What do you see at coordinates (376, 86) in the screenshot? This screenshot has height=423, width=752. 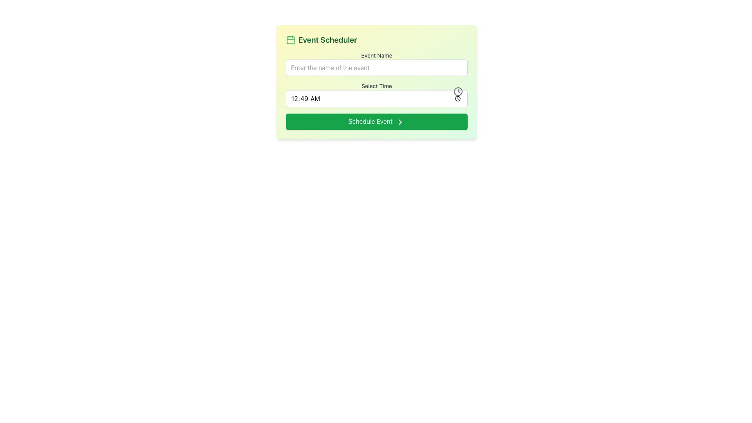 I see `the text label that displays the instruction 'Select Time', which is centrally aligned and located near the top-middle of the card-like section in the interface` at bounding box center [376, 86].